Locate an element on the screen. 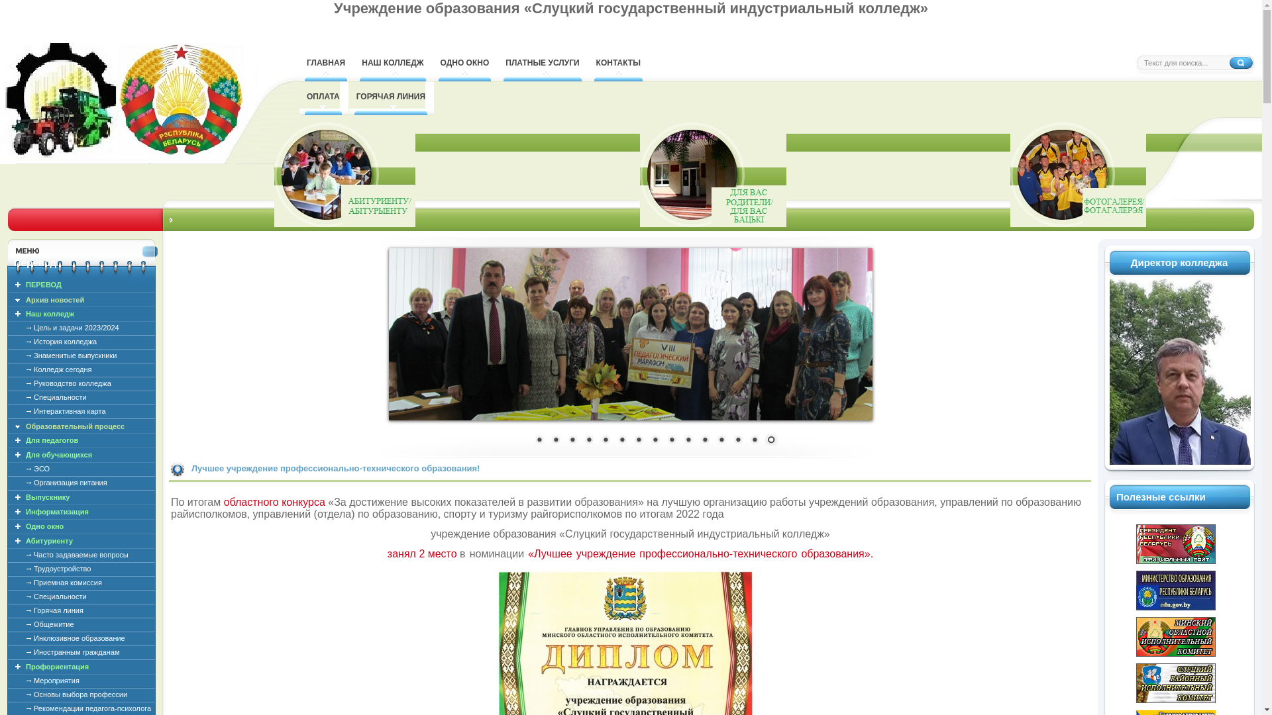 This screenshot has height=715, width=1272. '13' is located at coordinates (737, 441).